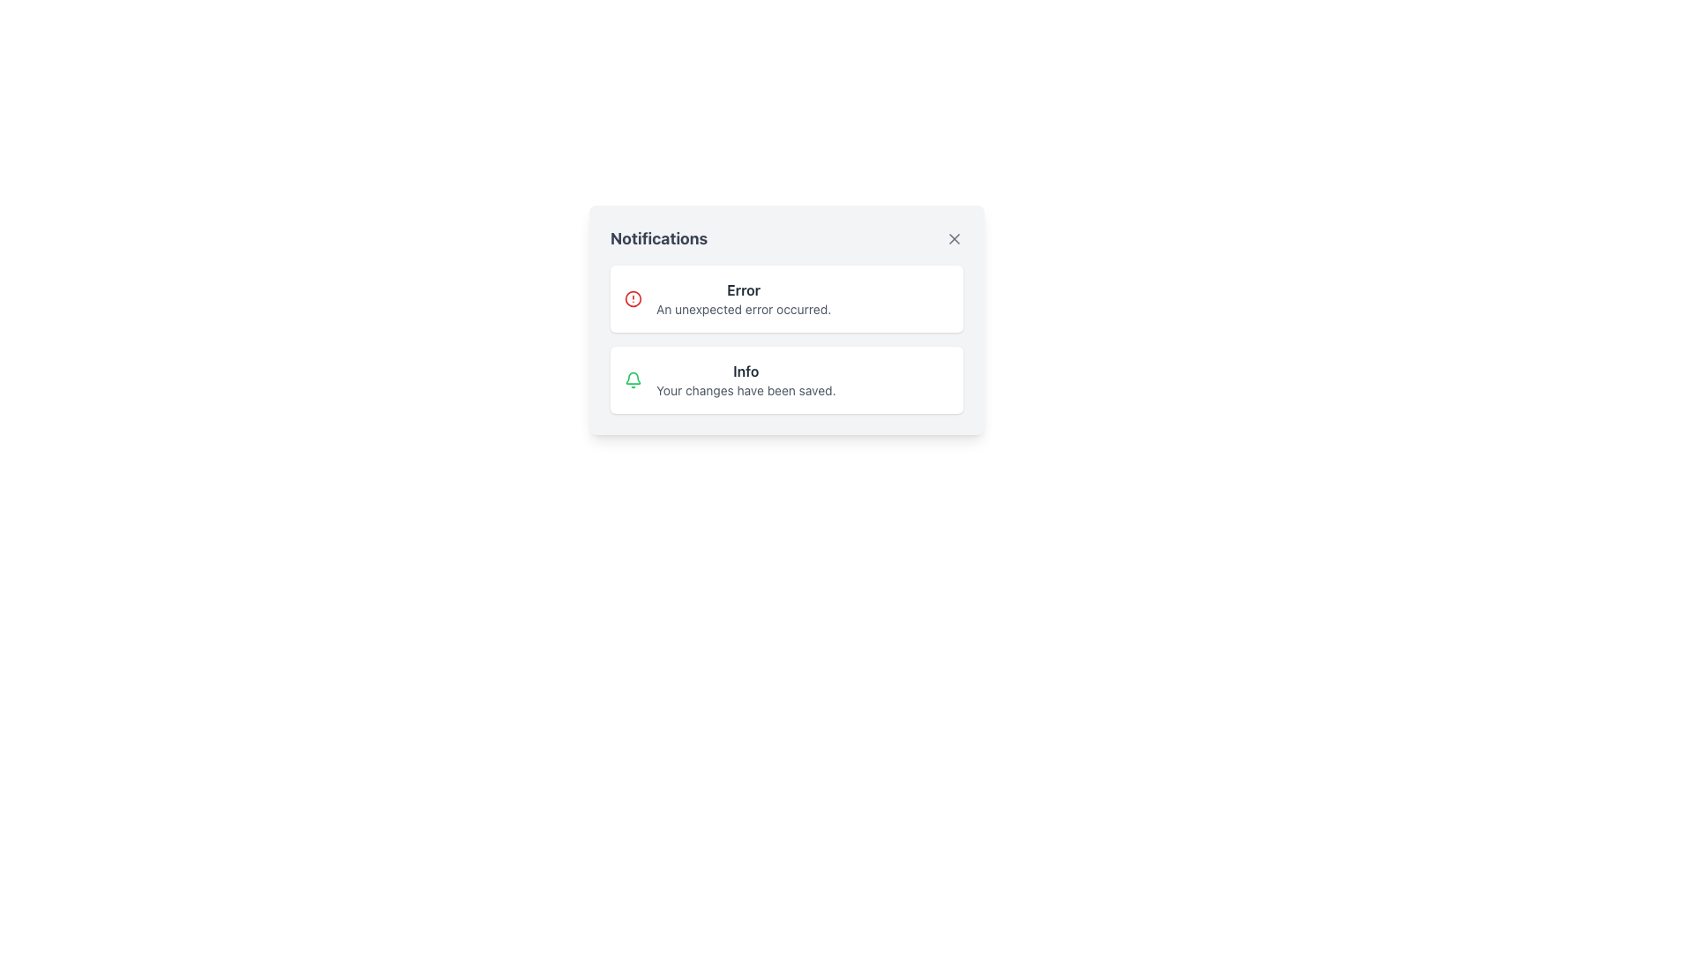 This screenshot has width=1694, height=953. I want to click on the circular error icon located at the beginning of the 'Error' notification card in the notification panel, which is to the left of the text 'Error', so click(633, 298).